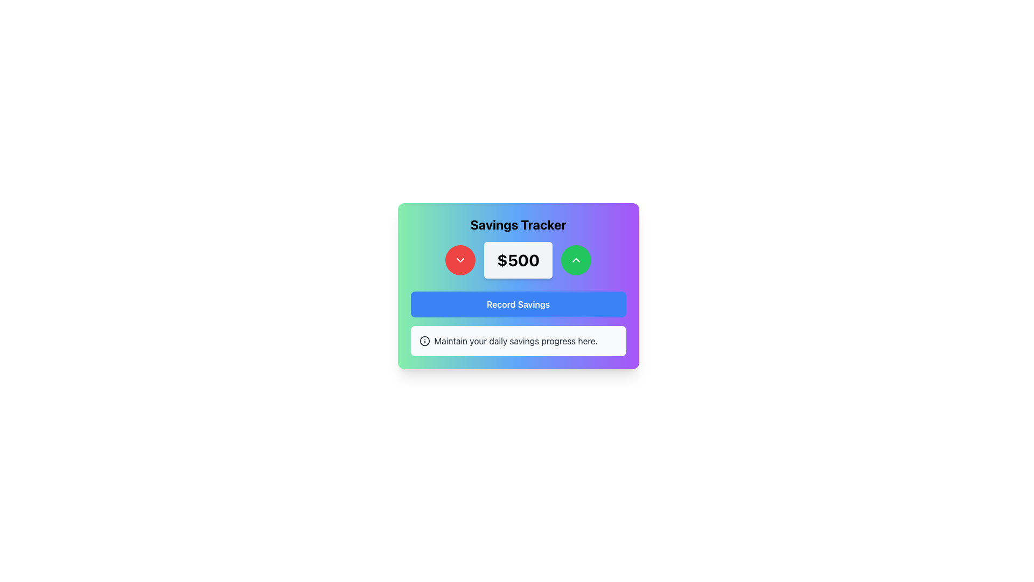  Describe the element at coordinates (576, 260) in the screenshot. I see `the upward increment button located on the rightmost side of a row, adjacent to a rectangular box displaying '$500'` at that location.